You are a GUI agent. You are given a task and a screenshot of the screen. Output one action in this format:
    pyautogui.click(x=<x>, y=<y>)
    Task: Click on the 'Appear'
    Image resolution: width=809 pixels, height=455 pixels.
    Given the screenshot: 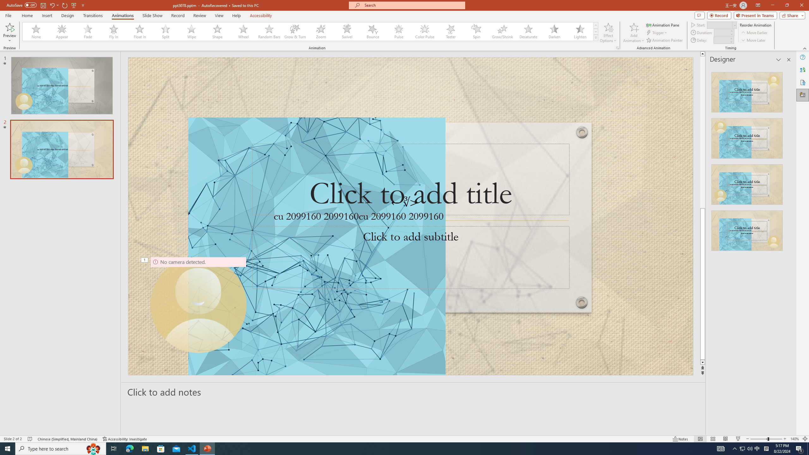 What is the action you would take?
    pyautogui.click(x=62, y=31)
    